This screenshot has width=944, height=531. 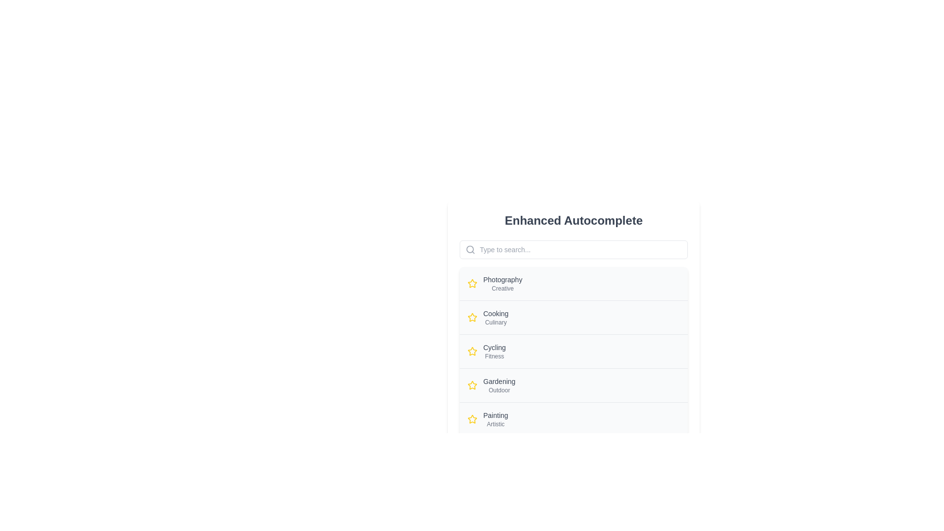 What do you see at coordinates (494, 351) in the screenshot?
I see `the 'Cycling' category item in the sidebar interface` at bounding box center [494, 351].